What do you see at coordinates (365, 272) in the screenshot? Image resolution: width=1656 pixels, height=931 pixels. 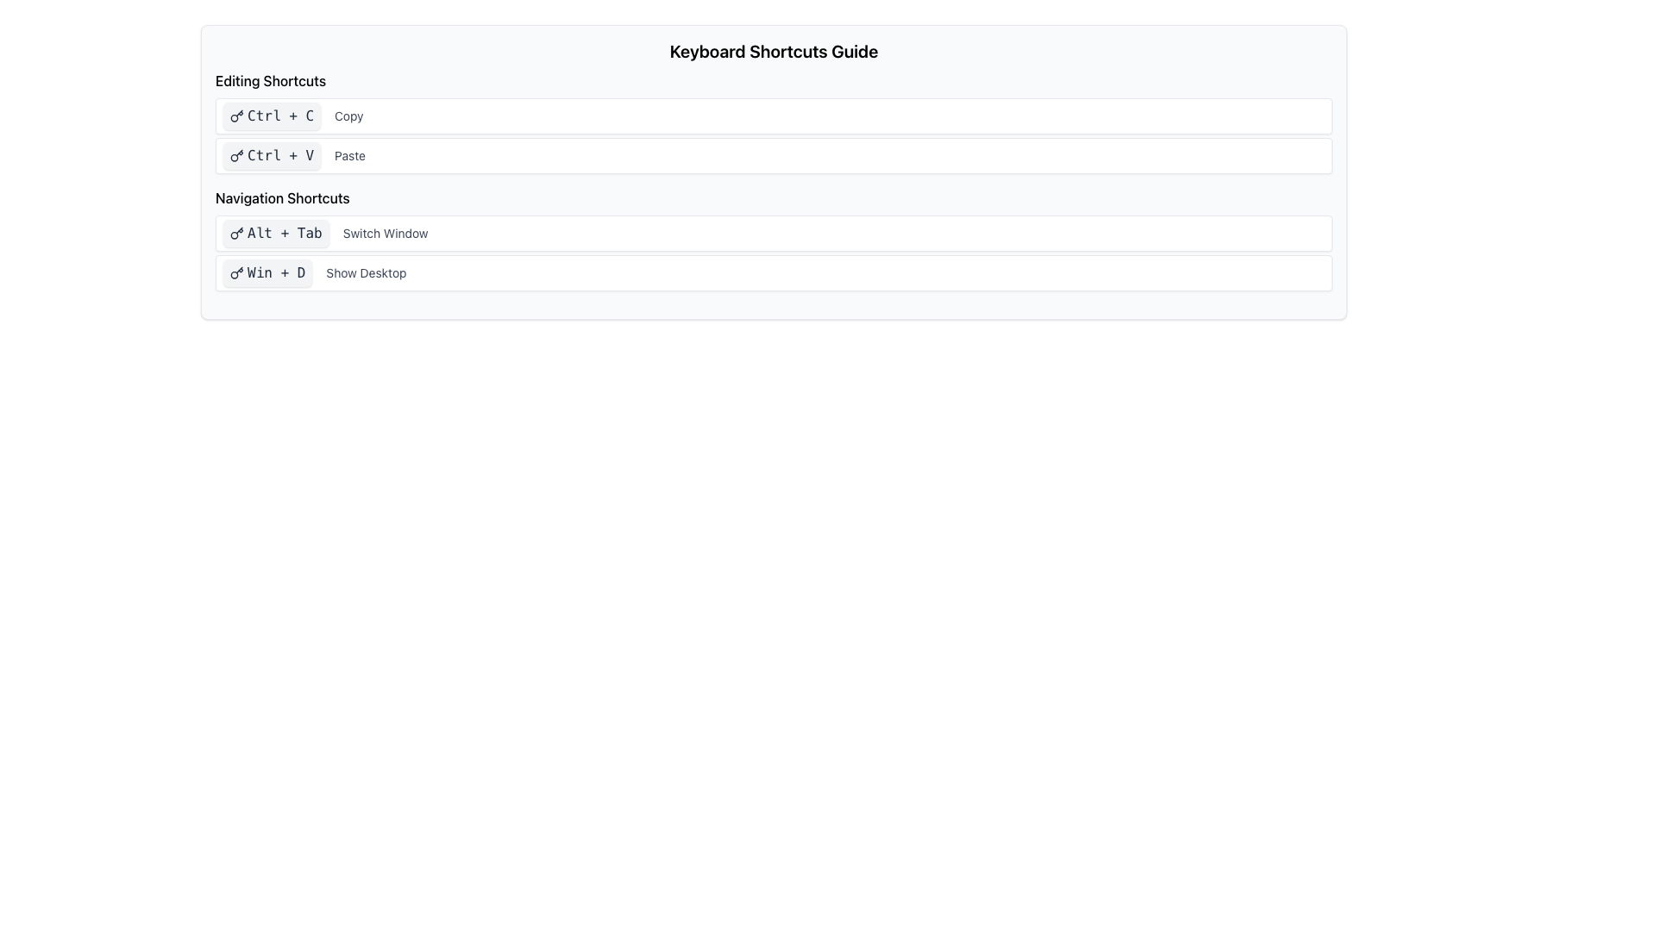 I see `the non-interactive text label providing additional information about the keyboard shortcut located beneath 'Win + D' in the 'Navigation Shortcuts' section` at bounding box center [365, 272].